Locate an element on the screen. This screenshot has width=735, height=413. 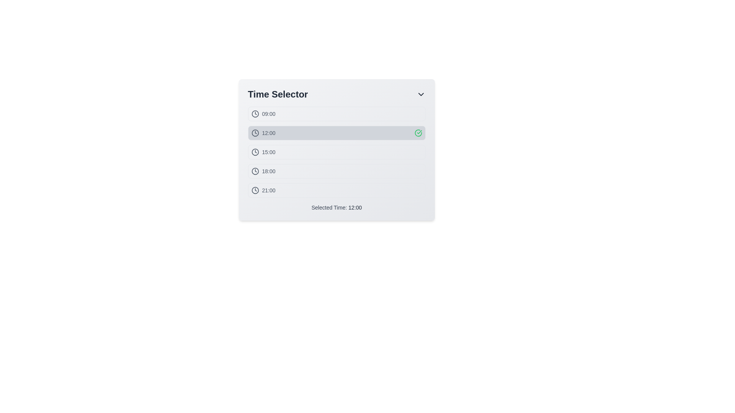
the clock icon represented by the SVG Circle in the second row of the 'Time Selector' interface is located at coordinates (255, 132).